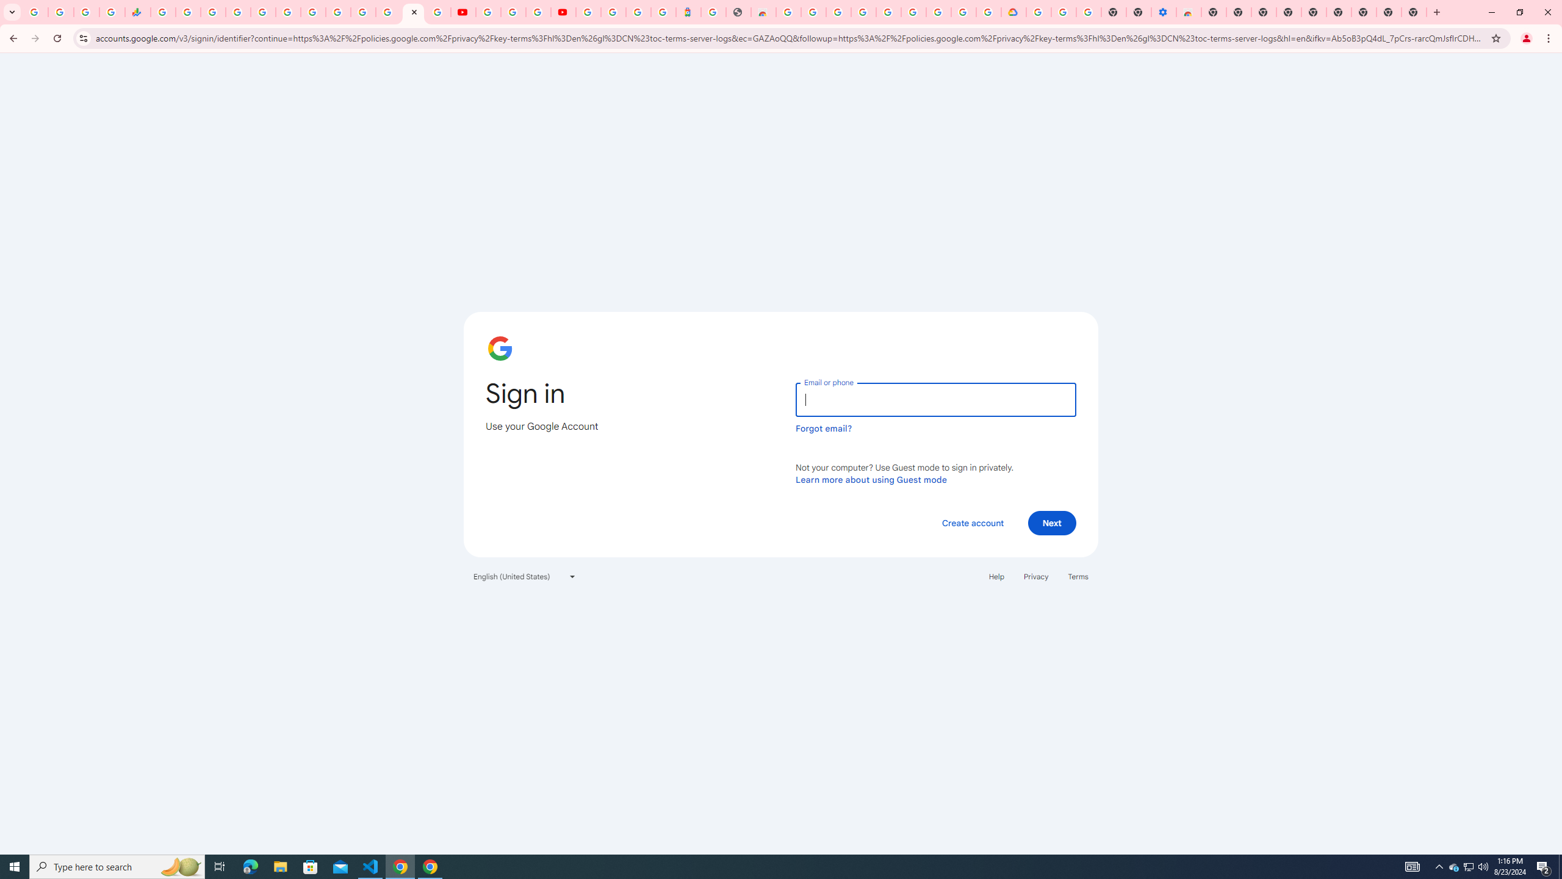 The width and height of the screenshot is (1562, 879). What do you see at coordinates (1078, 575) in the screenshot?
I see `'Terms'` at bounding box center [1078, 575].